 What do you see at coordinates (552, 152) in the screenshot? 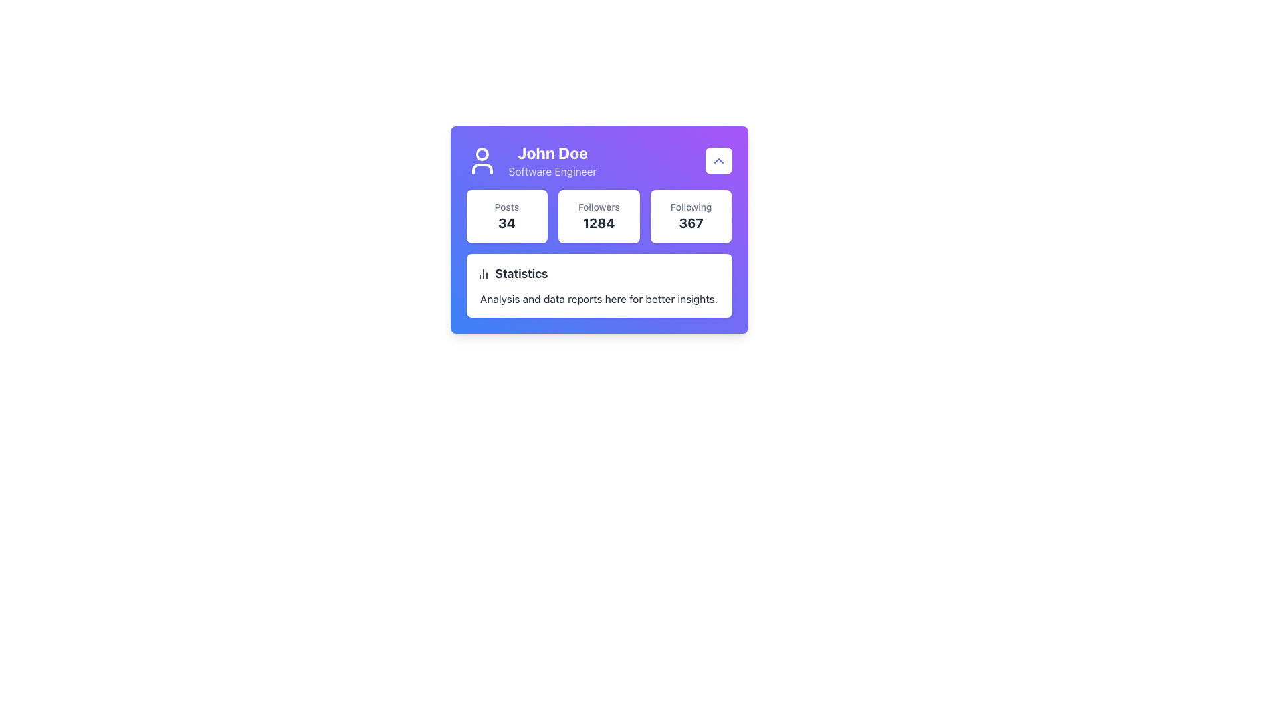
I see `the text label that reads 'John Doe', which is styled in bold and larger font on a purple background, located above 'Software Engineer'` at bounding box center [552, 152].